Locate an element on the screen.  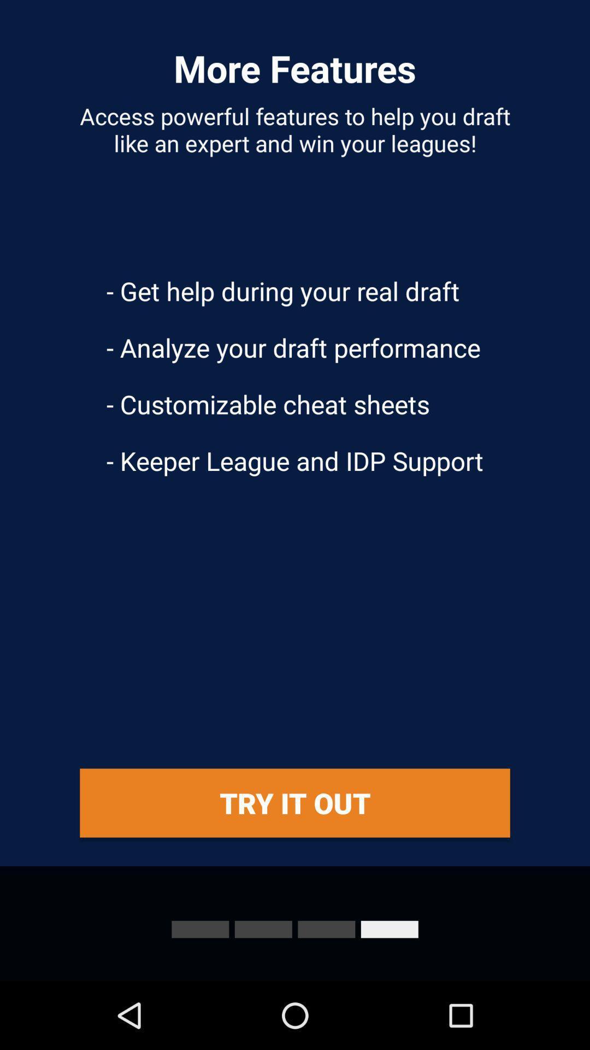
the try it out icon is located at coordinates (295, 803).